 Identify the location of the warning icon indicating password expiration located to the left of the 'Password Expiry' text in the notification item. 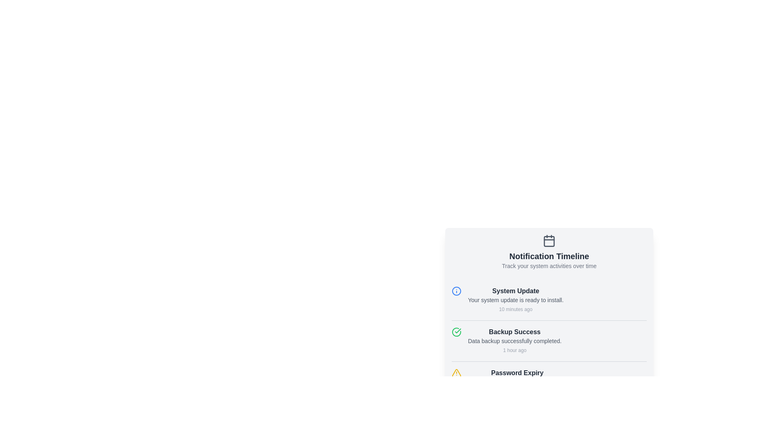
(456, 373).